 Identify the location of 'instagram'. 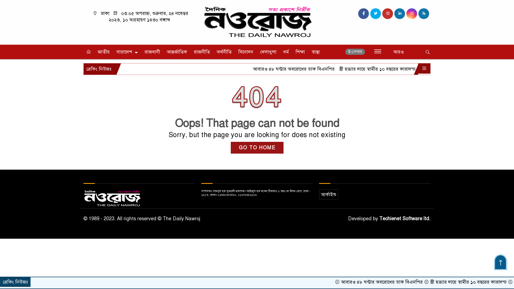
(388, 13).